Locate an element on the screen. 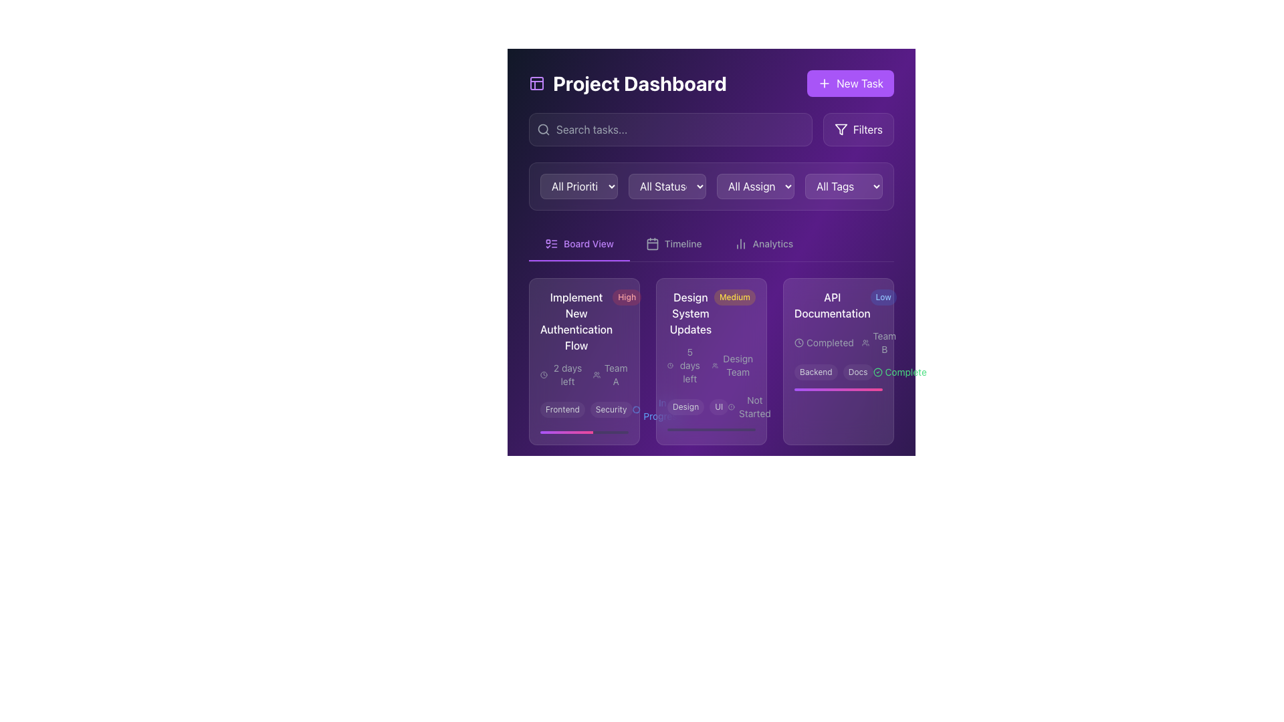 This screenshot has height=722, width=1284. the circular element of the clock icon located to the left of the time-related text within the 'Implement New Authentication Flow' card in the 'Board View' section is located at coordinates (544, 374).